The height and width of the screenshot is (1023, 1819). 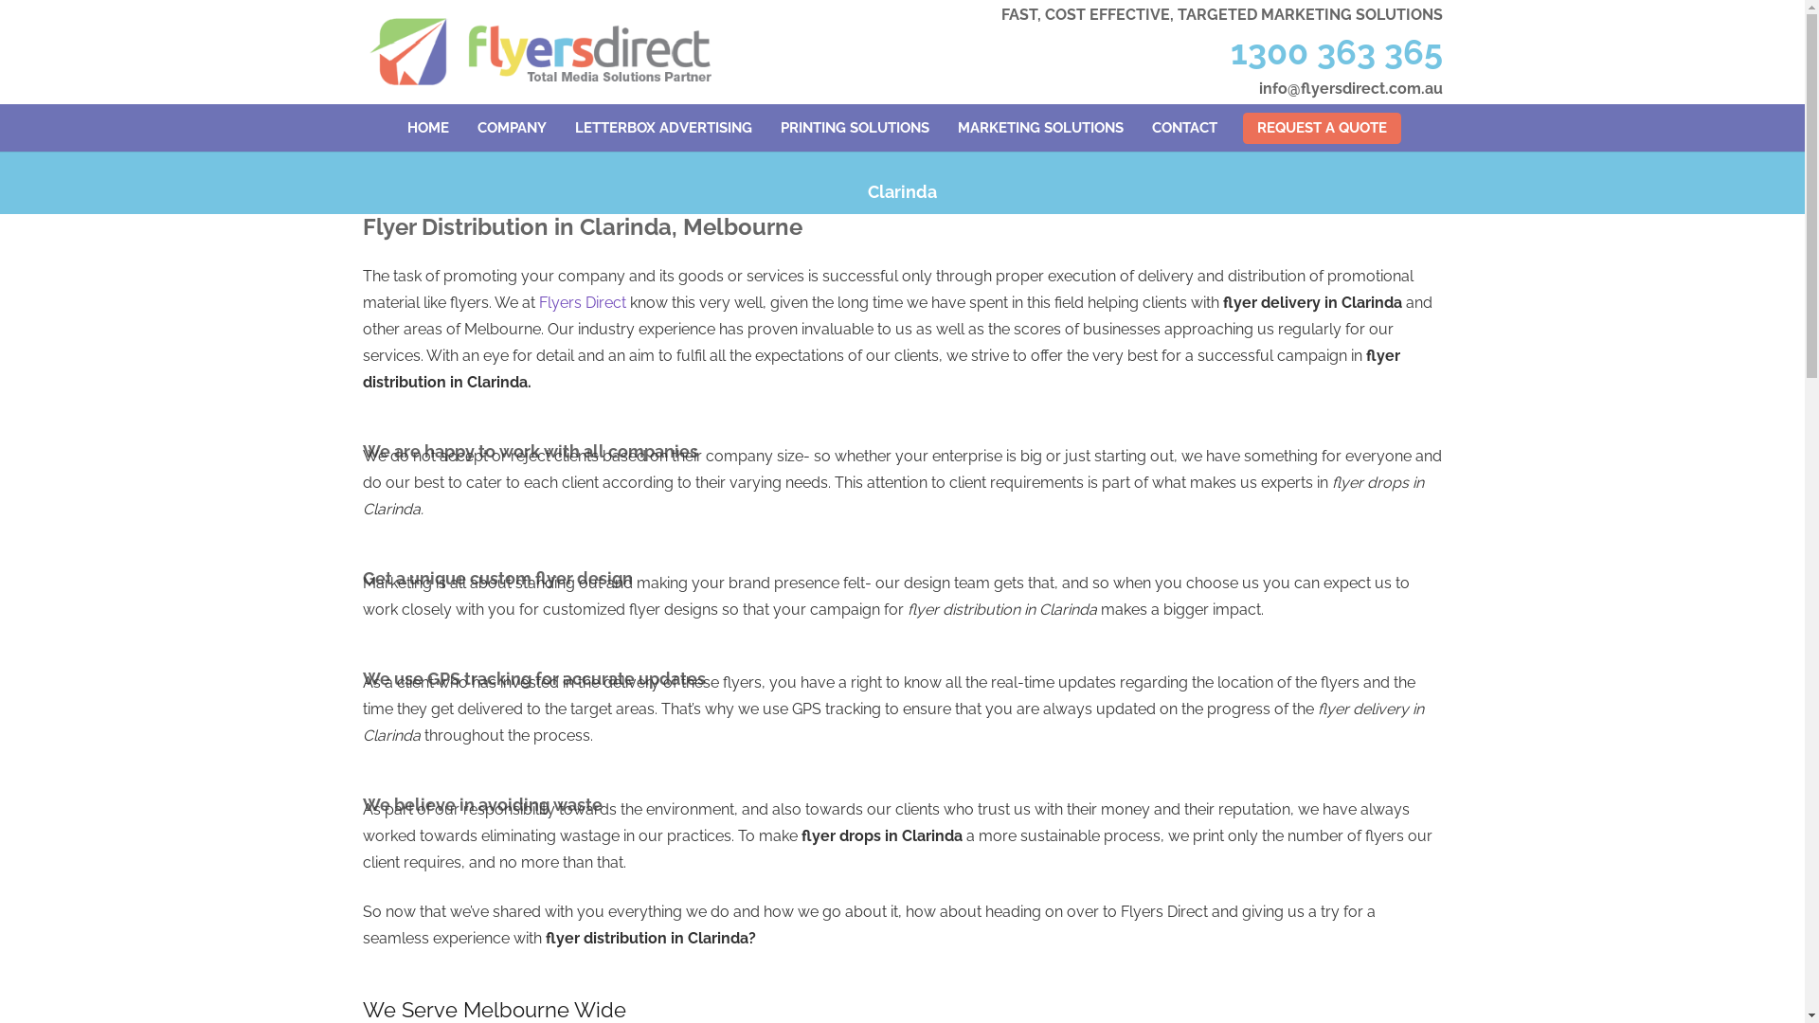 I want to click on 'HOME', so click(x=426, y=128).